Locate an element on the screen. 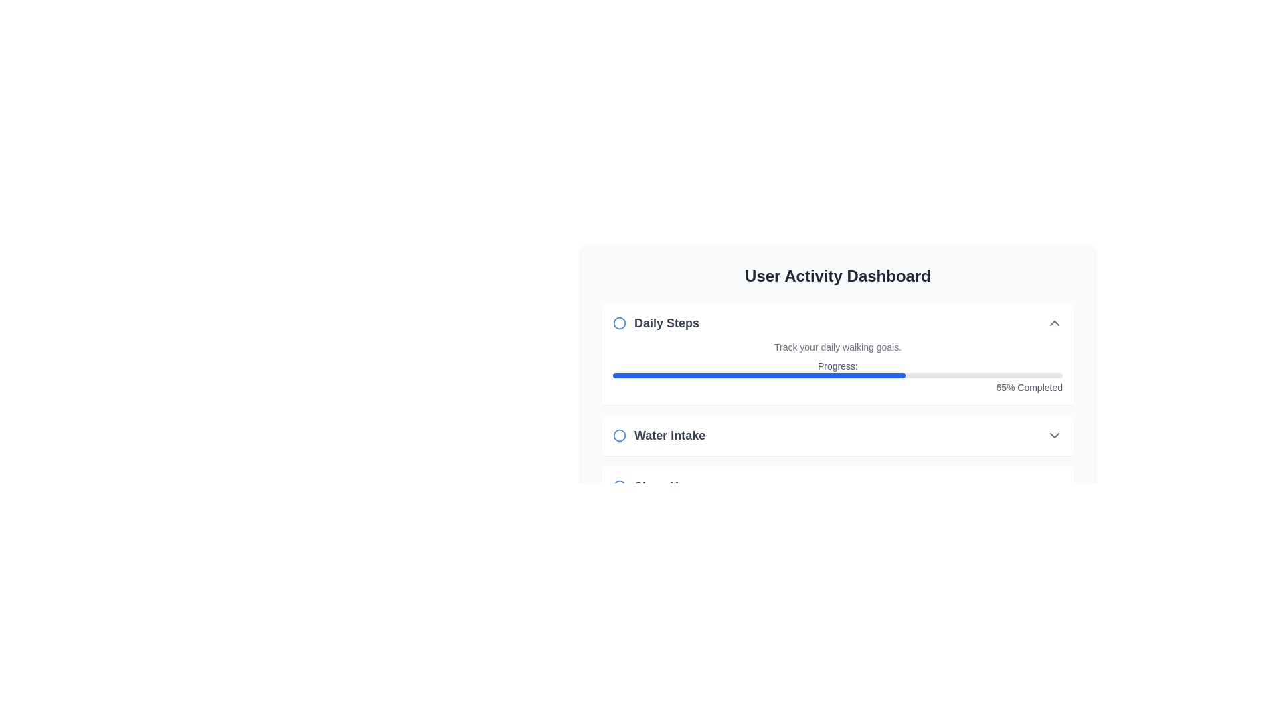 The image size is (1285, 723). the small circular icon with a bold blue outline located to the left of the text 'Daily Steps' is located at coordinates (619, 323).